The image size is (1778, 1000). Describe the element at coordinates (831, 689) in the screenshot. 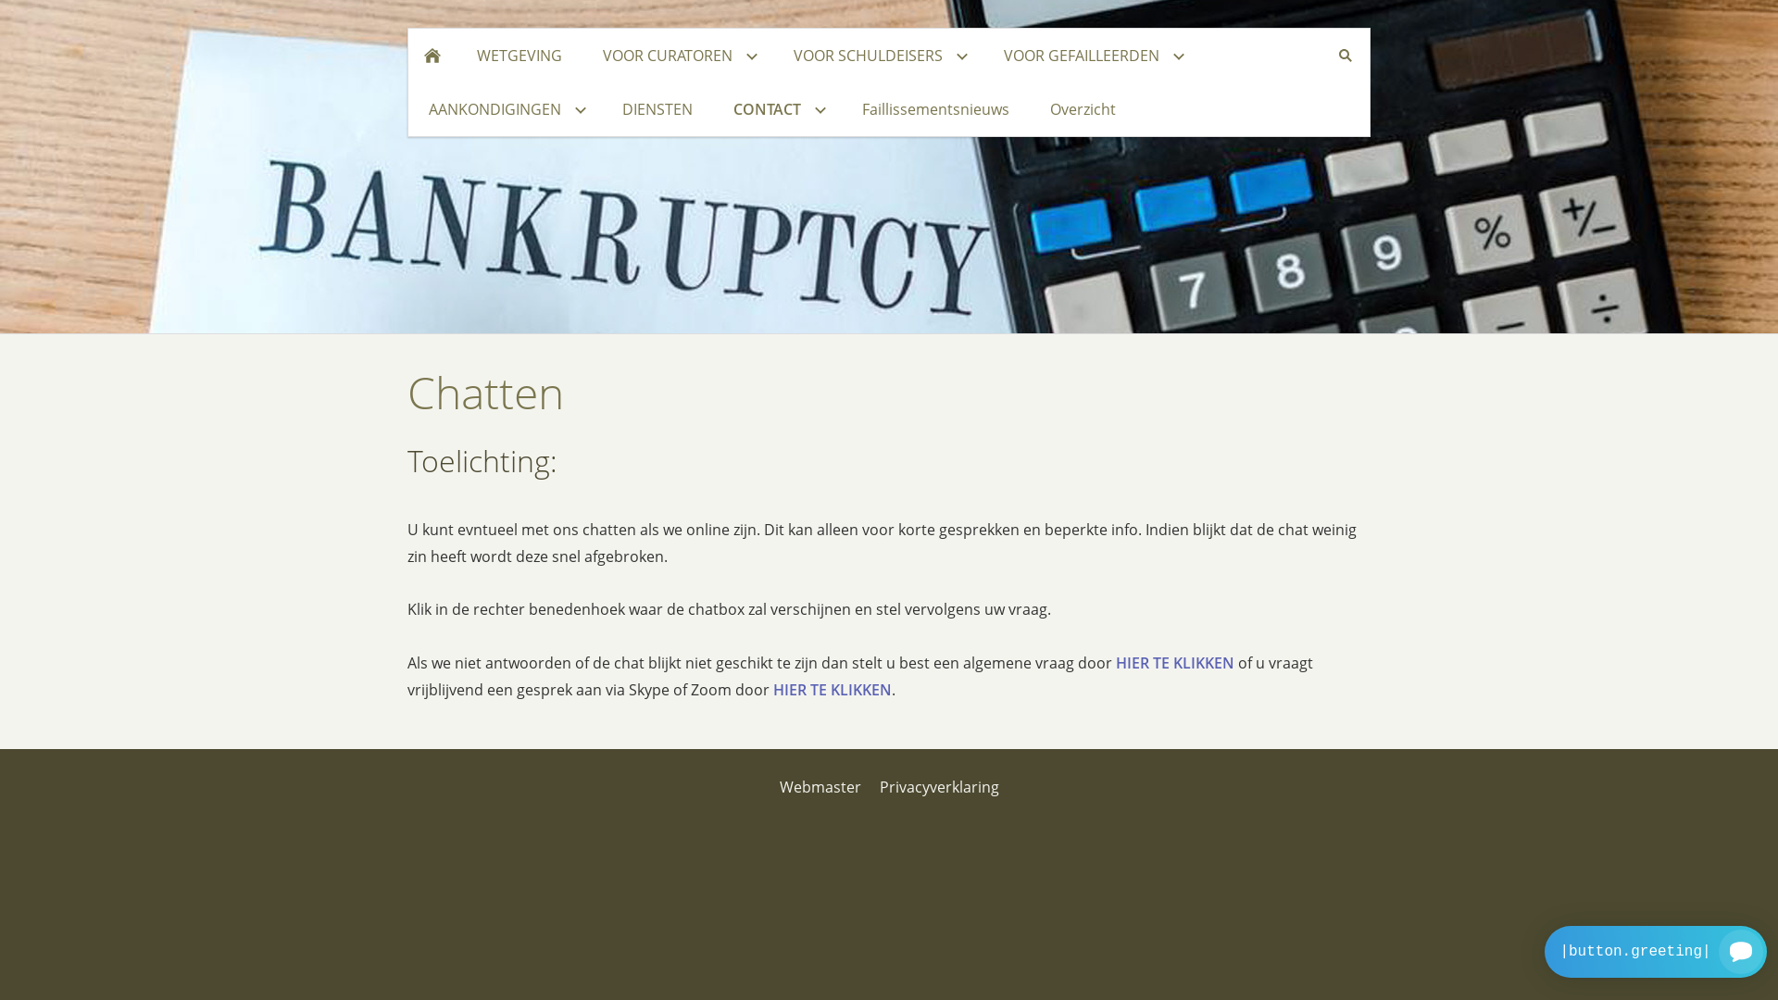

I see `'HIER TE KLIKKEN'` at that location.